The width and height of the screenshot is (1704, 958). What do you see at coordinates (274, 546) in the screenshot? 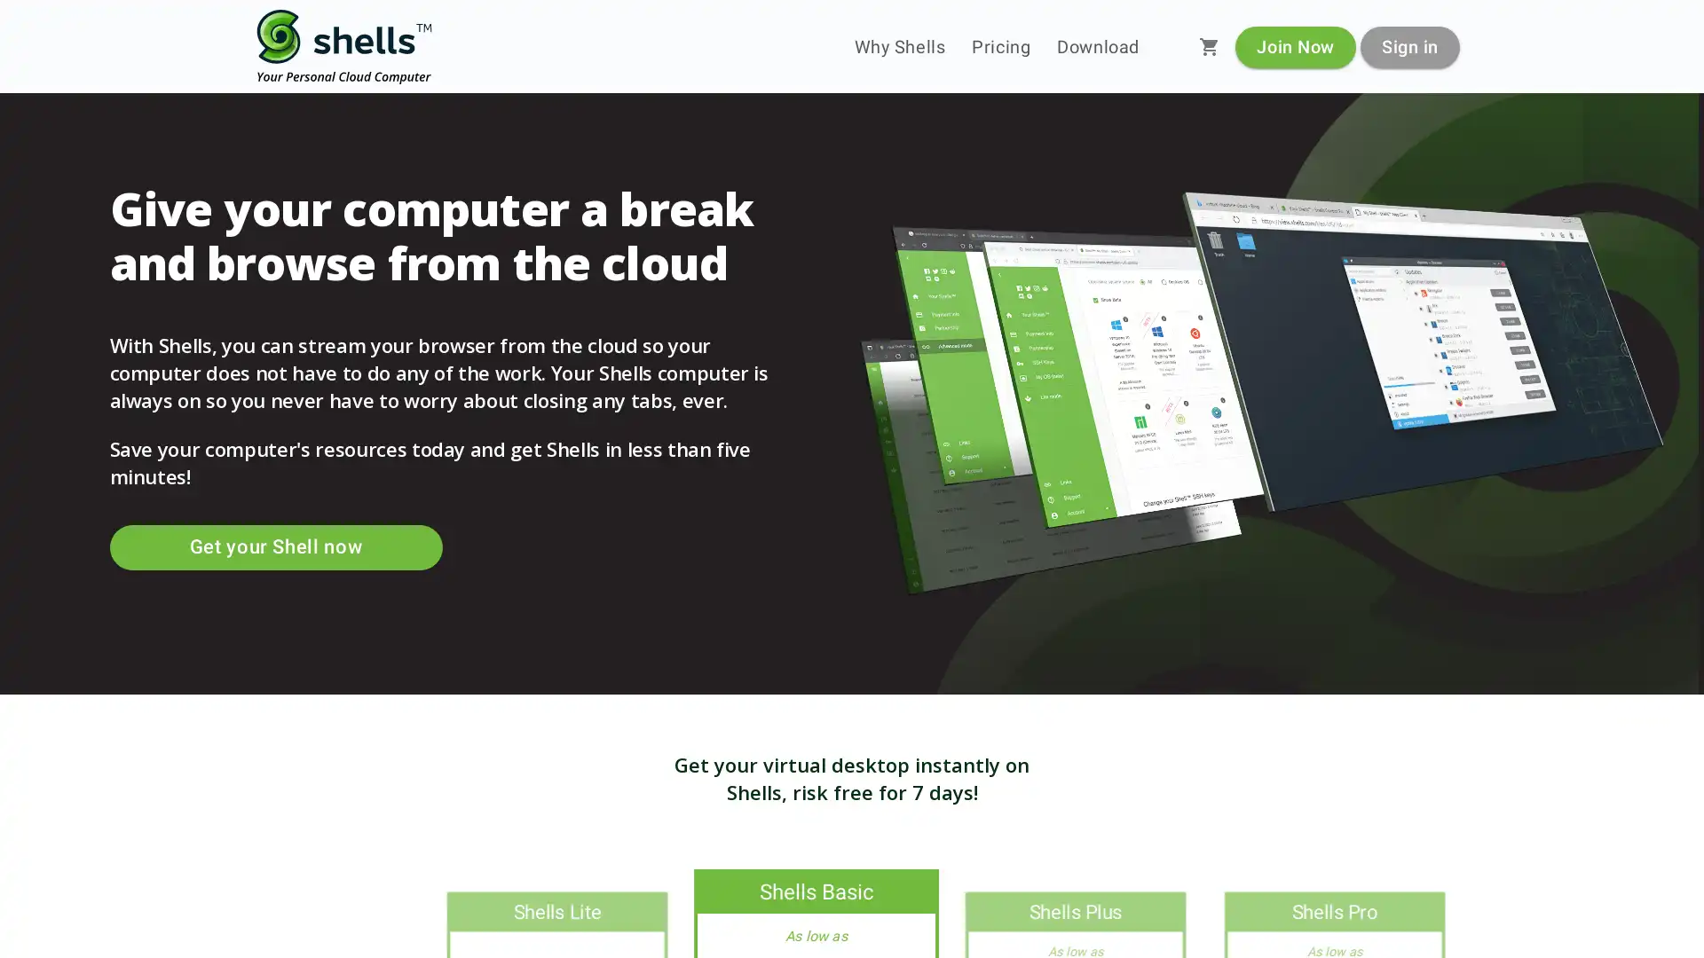
I see `Get your Shell now` at bounding box center [274, 546].